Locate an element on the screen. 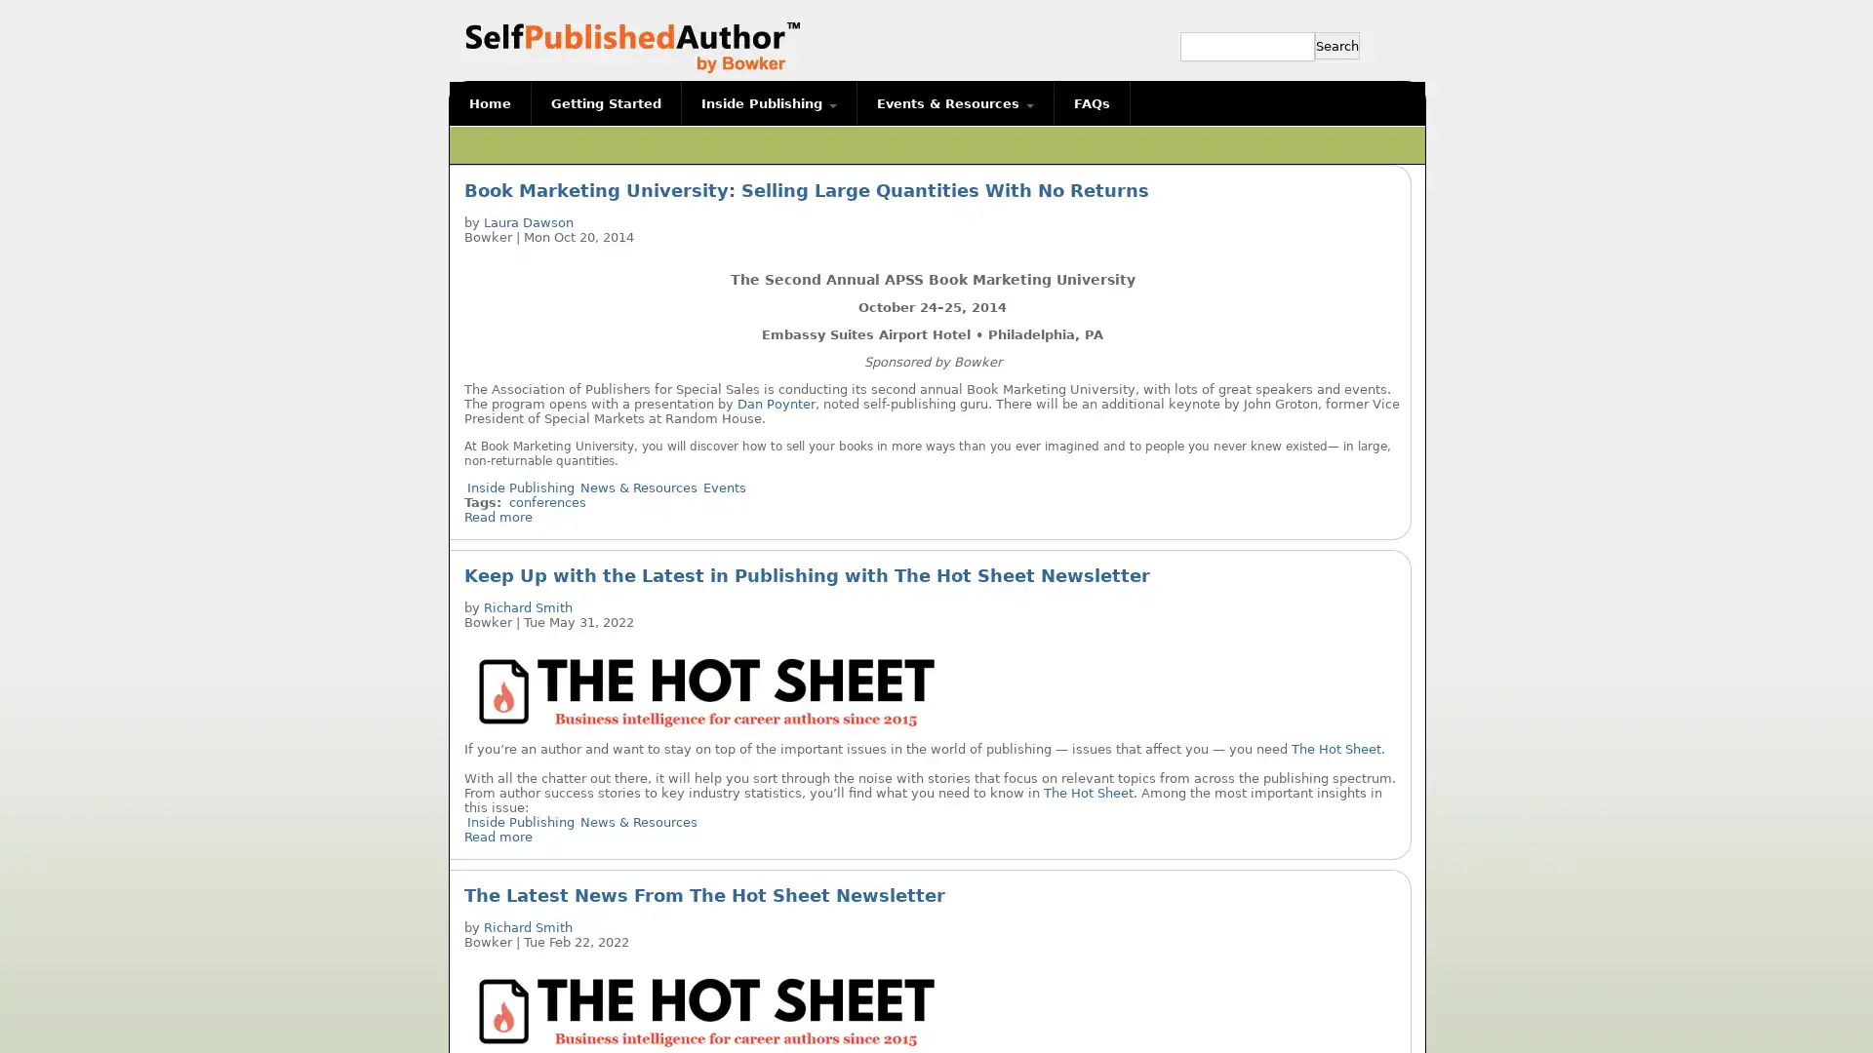  Search is located at coordinates (1336, 44).